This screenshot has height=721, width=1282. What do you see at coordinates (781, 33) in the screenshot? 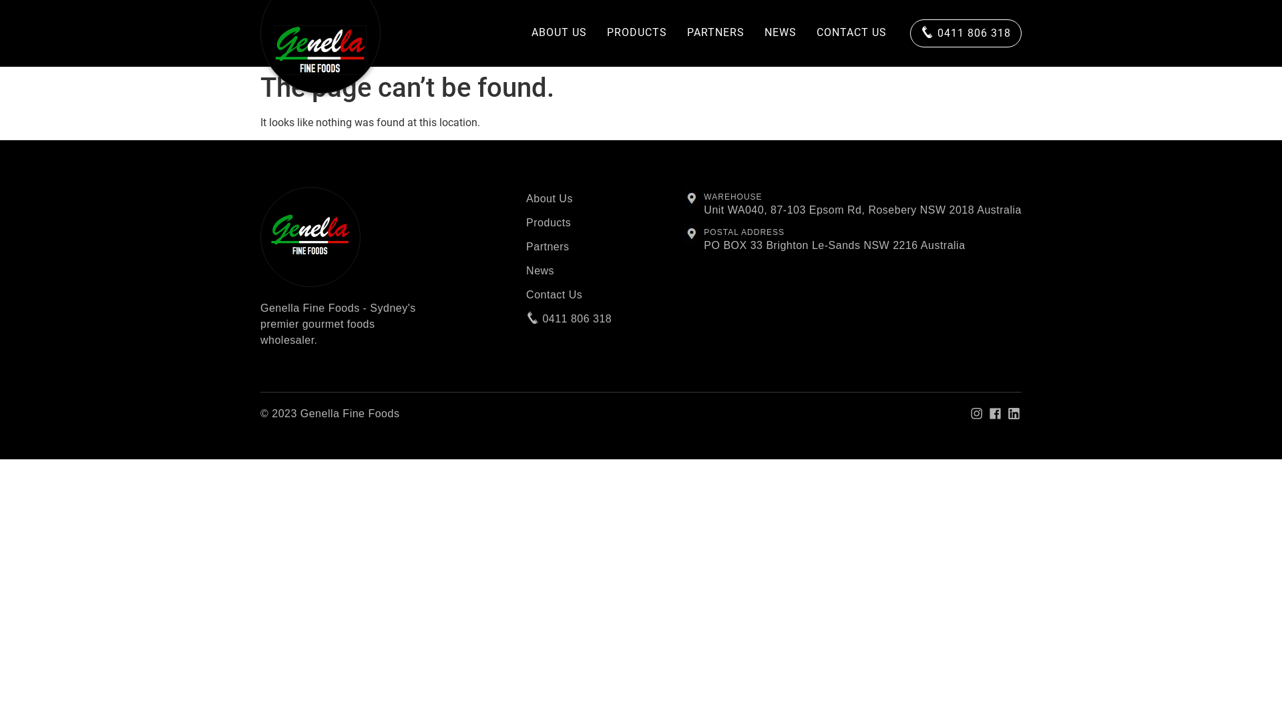
I see `'NEWS'` at bounding box center [781, 33].